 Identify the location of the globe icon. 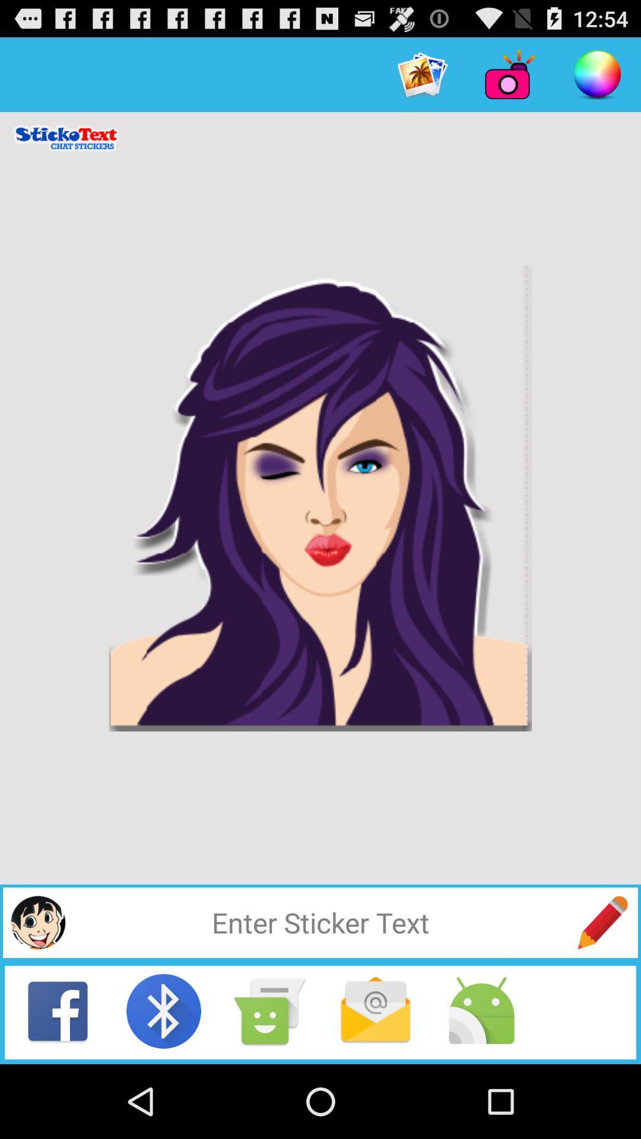
(37, 987).